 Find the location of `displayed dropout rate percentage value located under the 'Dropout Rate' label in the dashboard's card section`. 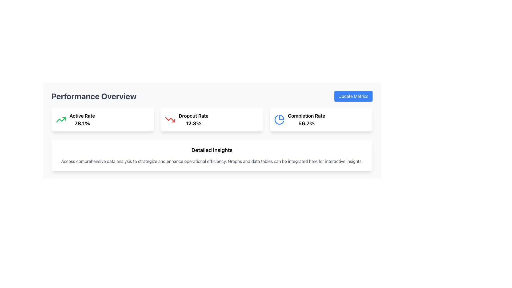

displayed dropout rate percentage value located under the 'Dropout Rate' label in the dashboard's card section is located at coordinates (193, 123).